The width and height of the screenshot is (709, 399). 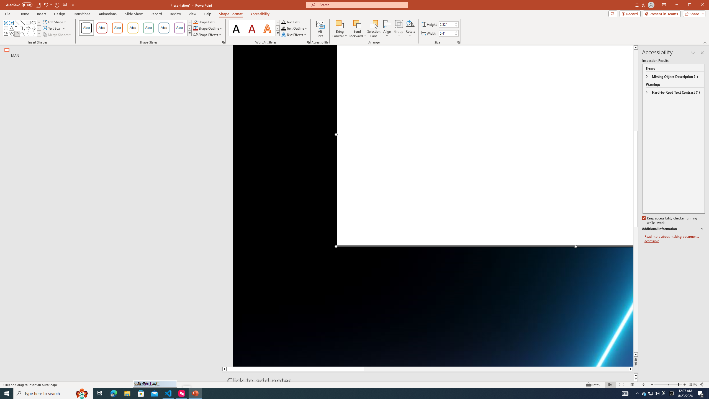 I want to click on 'Zoom 334%', so click(x=693, y=384).